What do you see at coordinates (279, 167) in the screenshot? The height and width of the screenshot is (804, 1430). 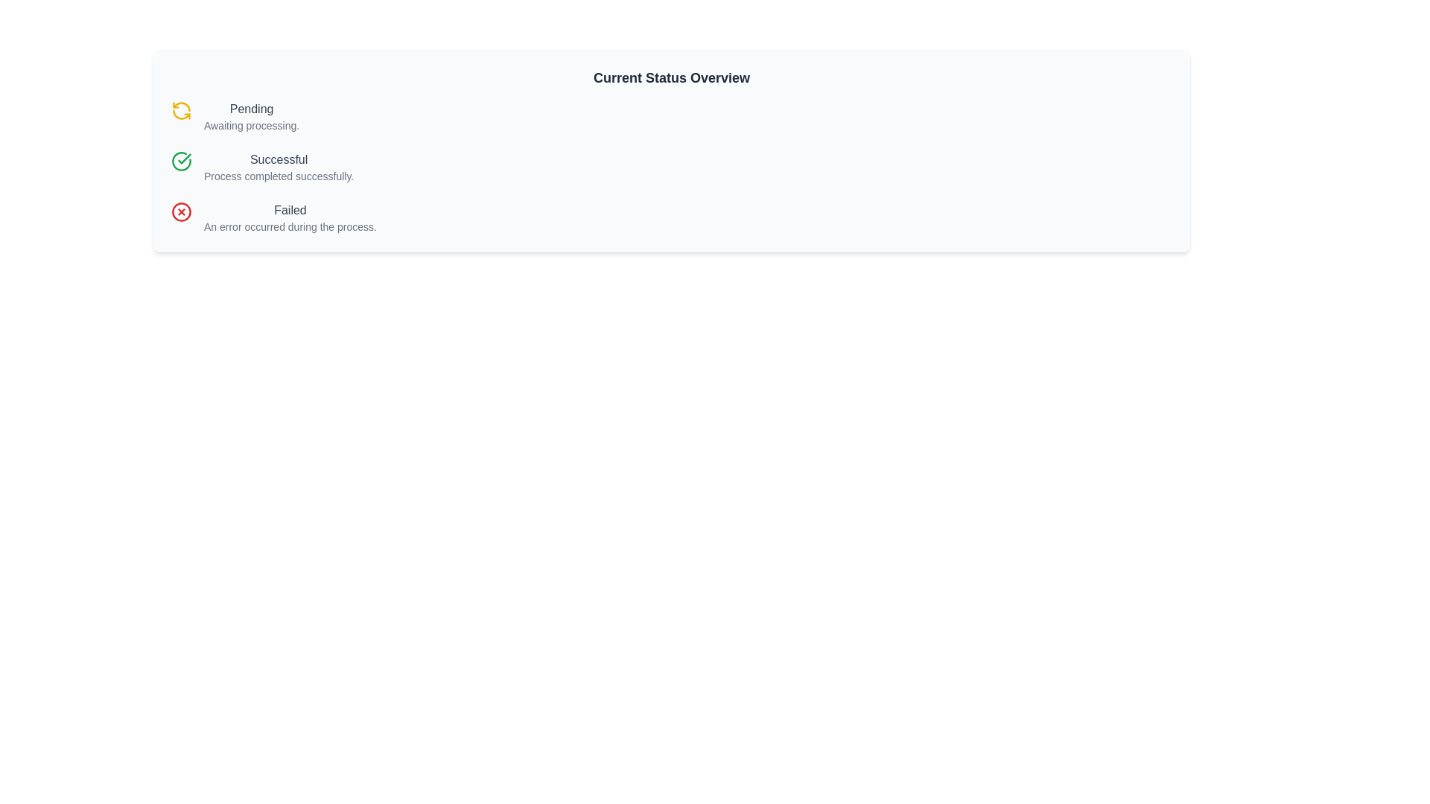 I see `the feedback message displayed in the Text block located in the middle column of the tri-section status overview panel, specifically the second listed status between 'Pending' and 'Failed'` at bounding box center [279, 167].